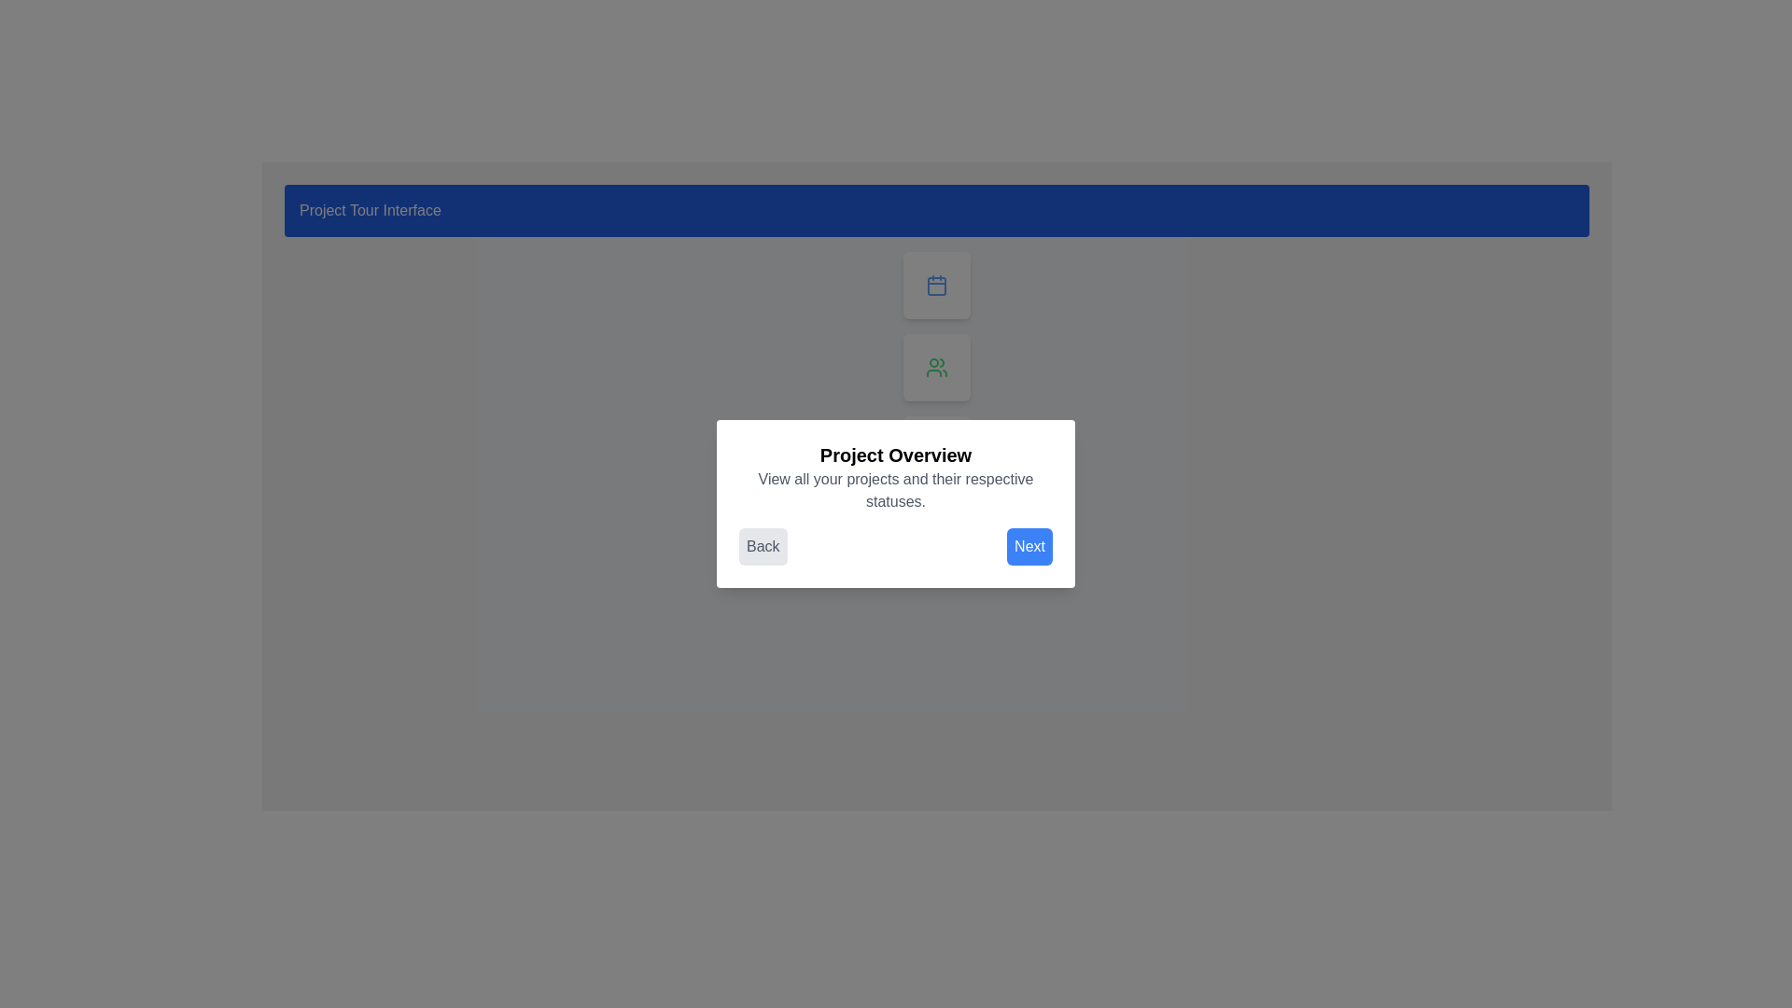  Describe the element at coordinates (936, 367) in the screenshot. I see `the user management button located at the vertical midpoint of the interface, below the calendar icon` at that location.